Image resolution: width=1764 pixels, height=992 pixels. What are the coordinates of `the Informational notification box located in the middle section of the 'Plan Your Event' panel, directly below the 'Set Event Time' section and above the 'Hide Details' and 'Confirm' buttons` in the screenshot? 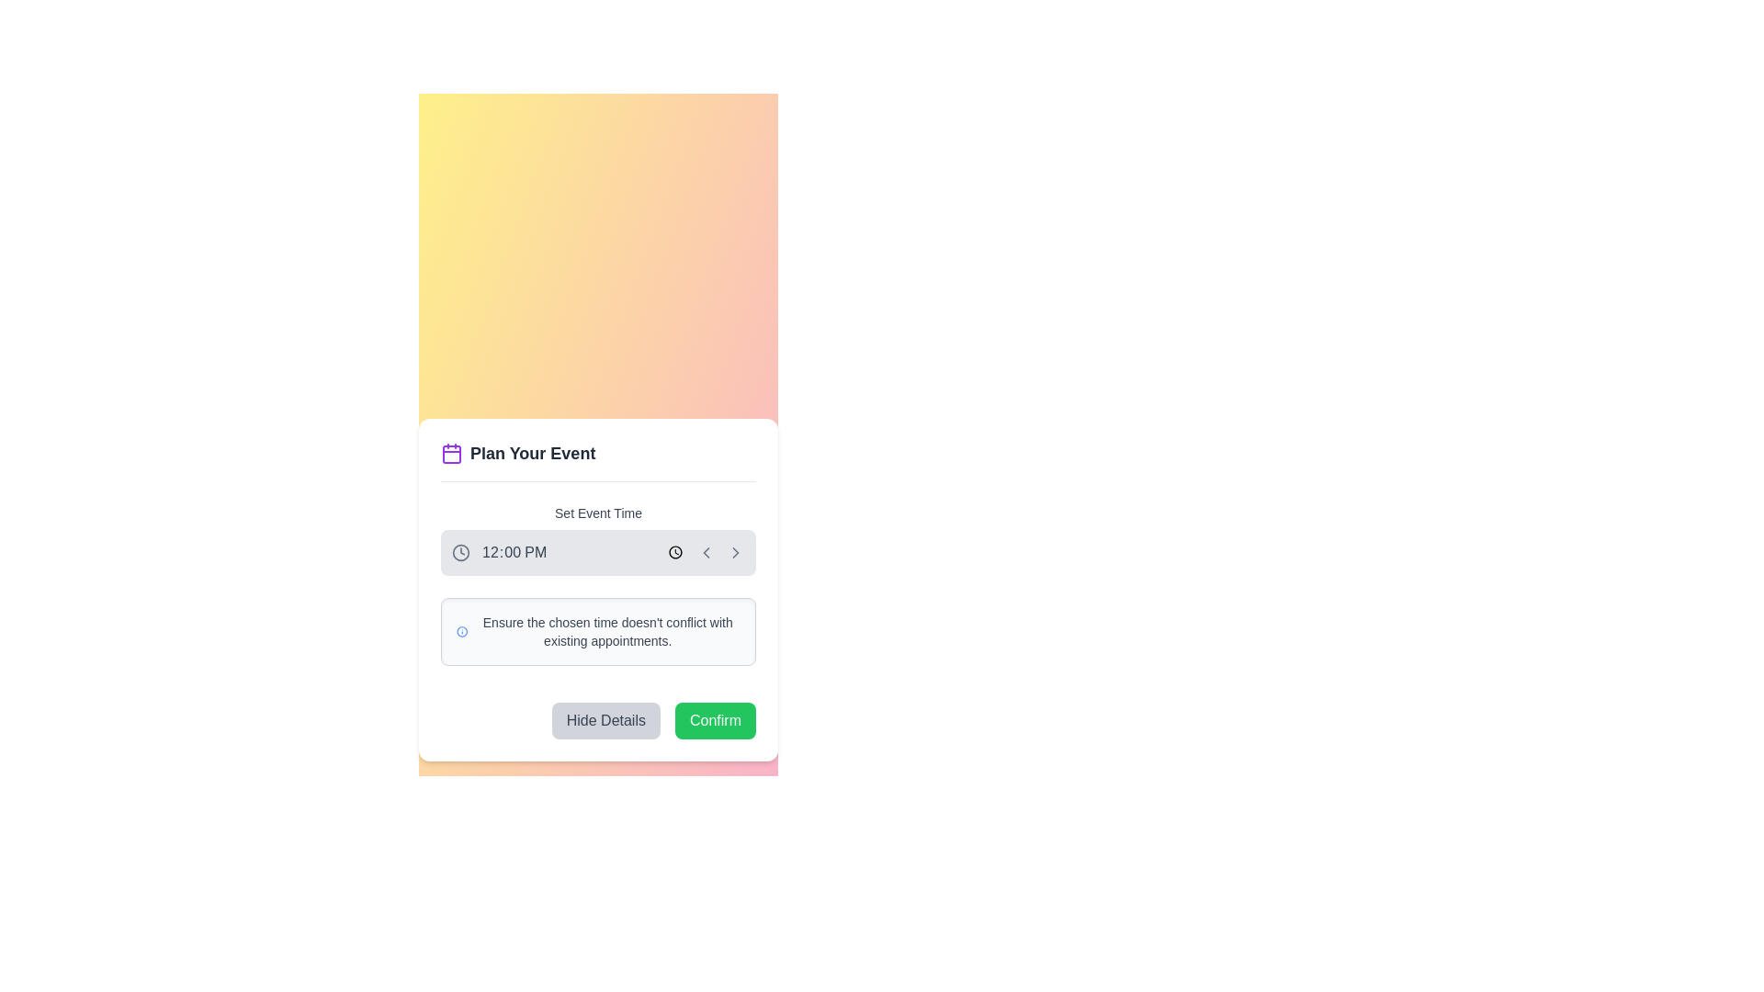 It's located at (598, 630).